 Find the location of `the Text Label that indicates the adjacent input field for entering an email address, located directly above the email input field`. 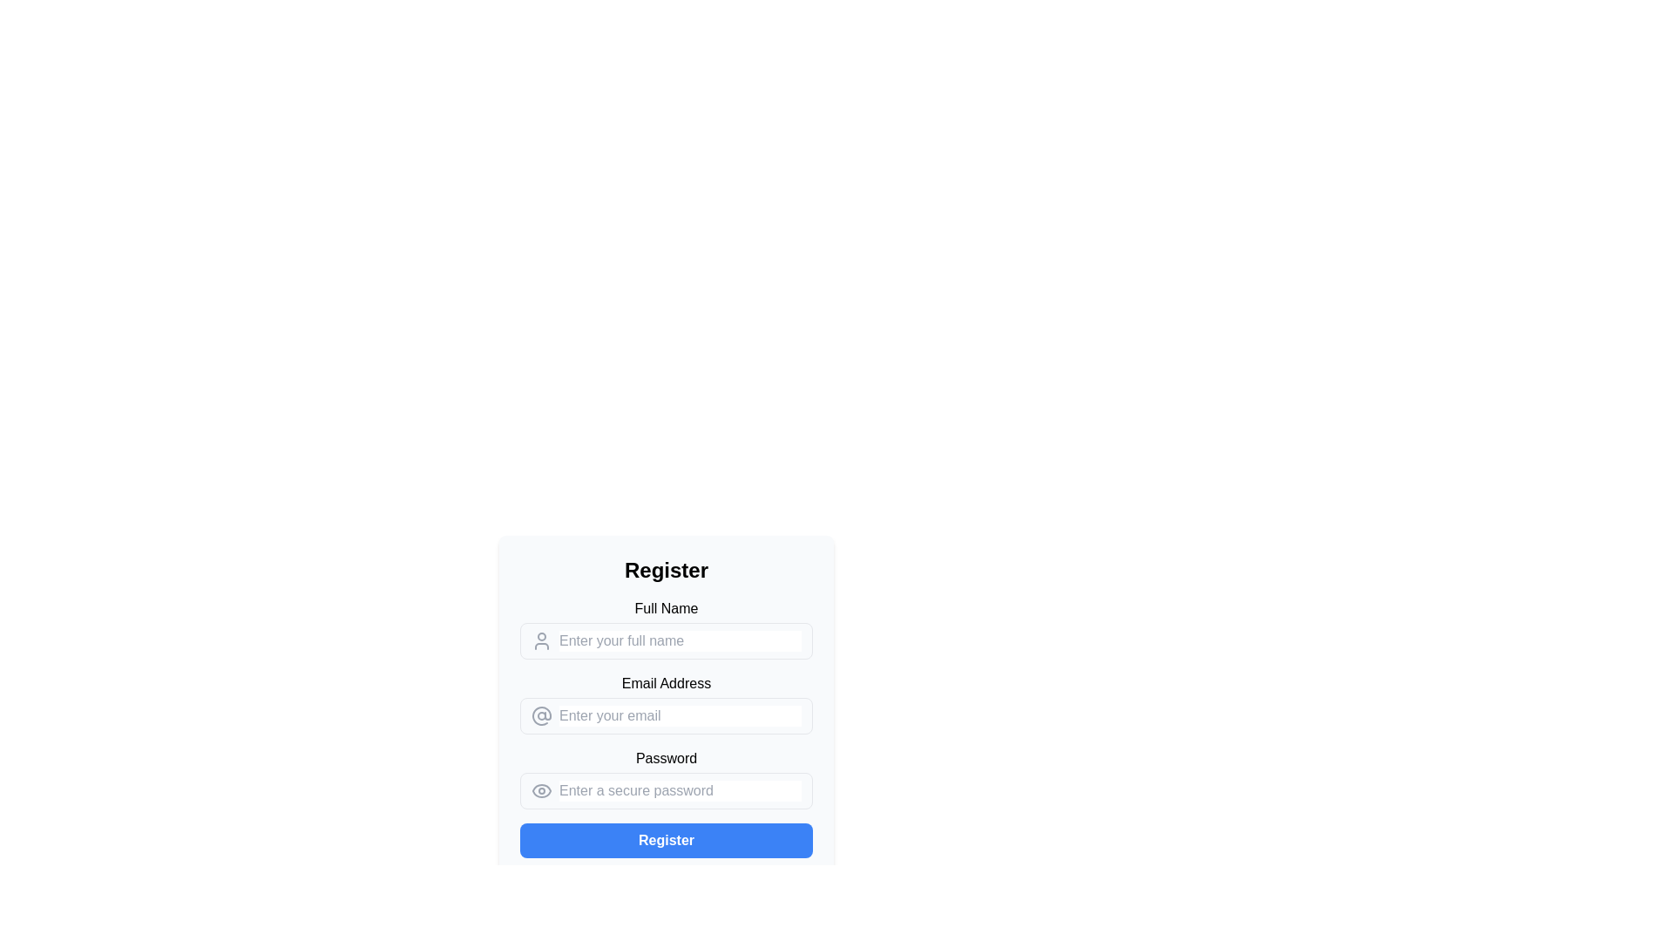

the Text Label that indicates the adjacent input field for entering an email address, located directly above the email input field is located at coordinates (665, 683).